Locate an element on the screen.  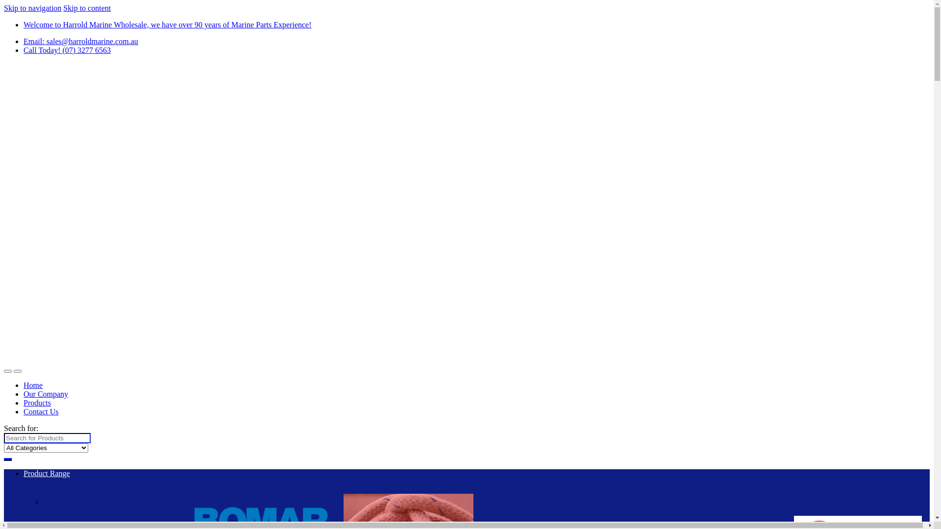
'Contact Us' is located at coordinates (40, 411).